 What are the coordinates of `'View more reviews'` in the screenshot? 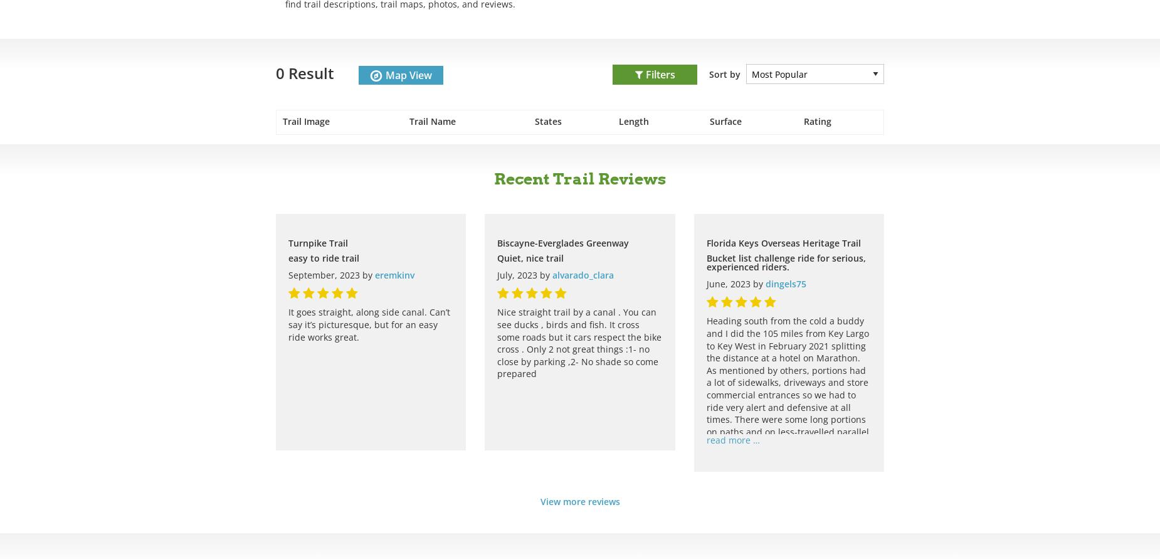 It's located at (539, 501).